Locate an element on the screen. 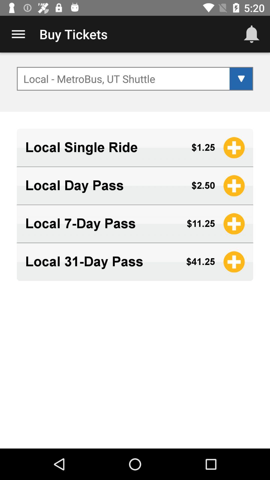 The height and width of the screenshot is (480, 270). app below local 31 day item is located at coordinates (135, 289).